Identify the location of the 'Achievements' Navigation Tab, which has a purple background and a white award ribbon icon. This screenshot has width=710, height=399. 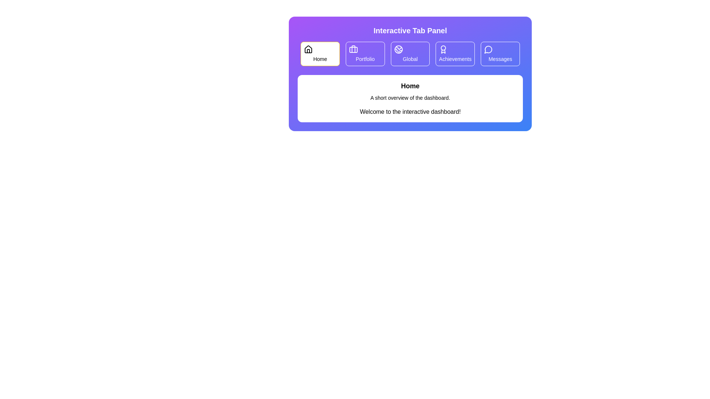
(455, 54).